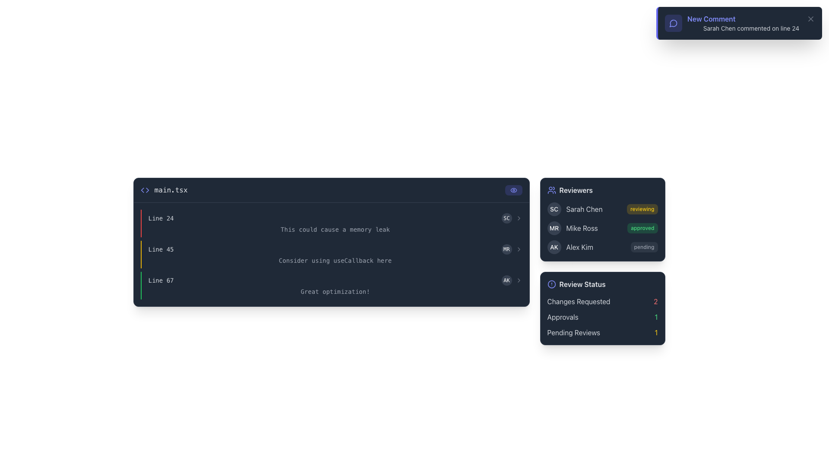 This screenshot has height=466, width=829. What do you see at coordinates (584, 209) in the screenshot?
I see `the text label displaying 'Sarah Chen', which indicates the name of the reviewer in the 'Reviewers' section of the right-hand panel` at bounding box center [584, 209].